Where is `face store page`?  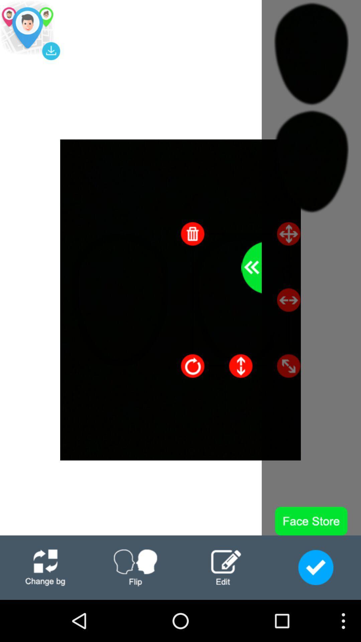
face store page is located at coordinates (316, 567).